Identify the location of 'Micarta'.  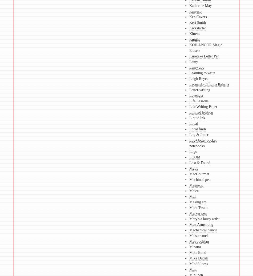
(194, 247).